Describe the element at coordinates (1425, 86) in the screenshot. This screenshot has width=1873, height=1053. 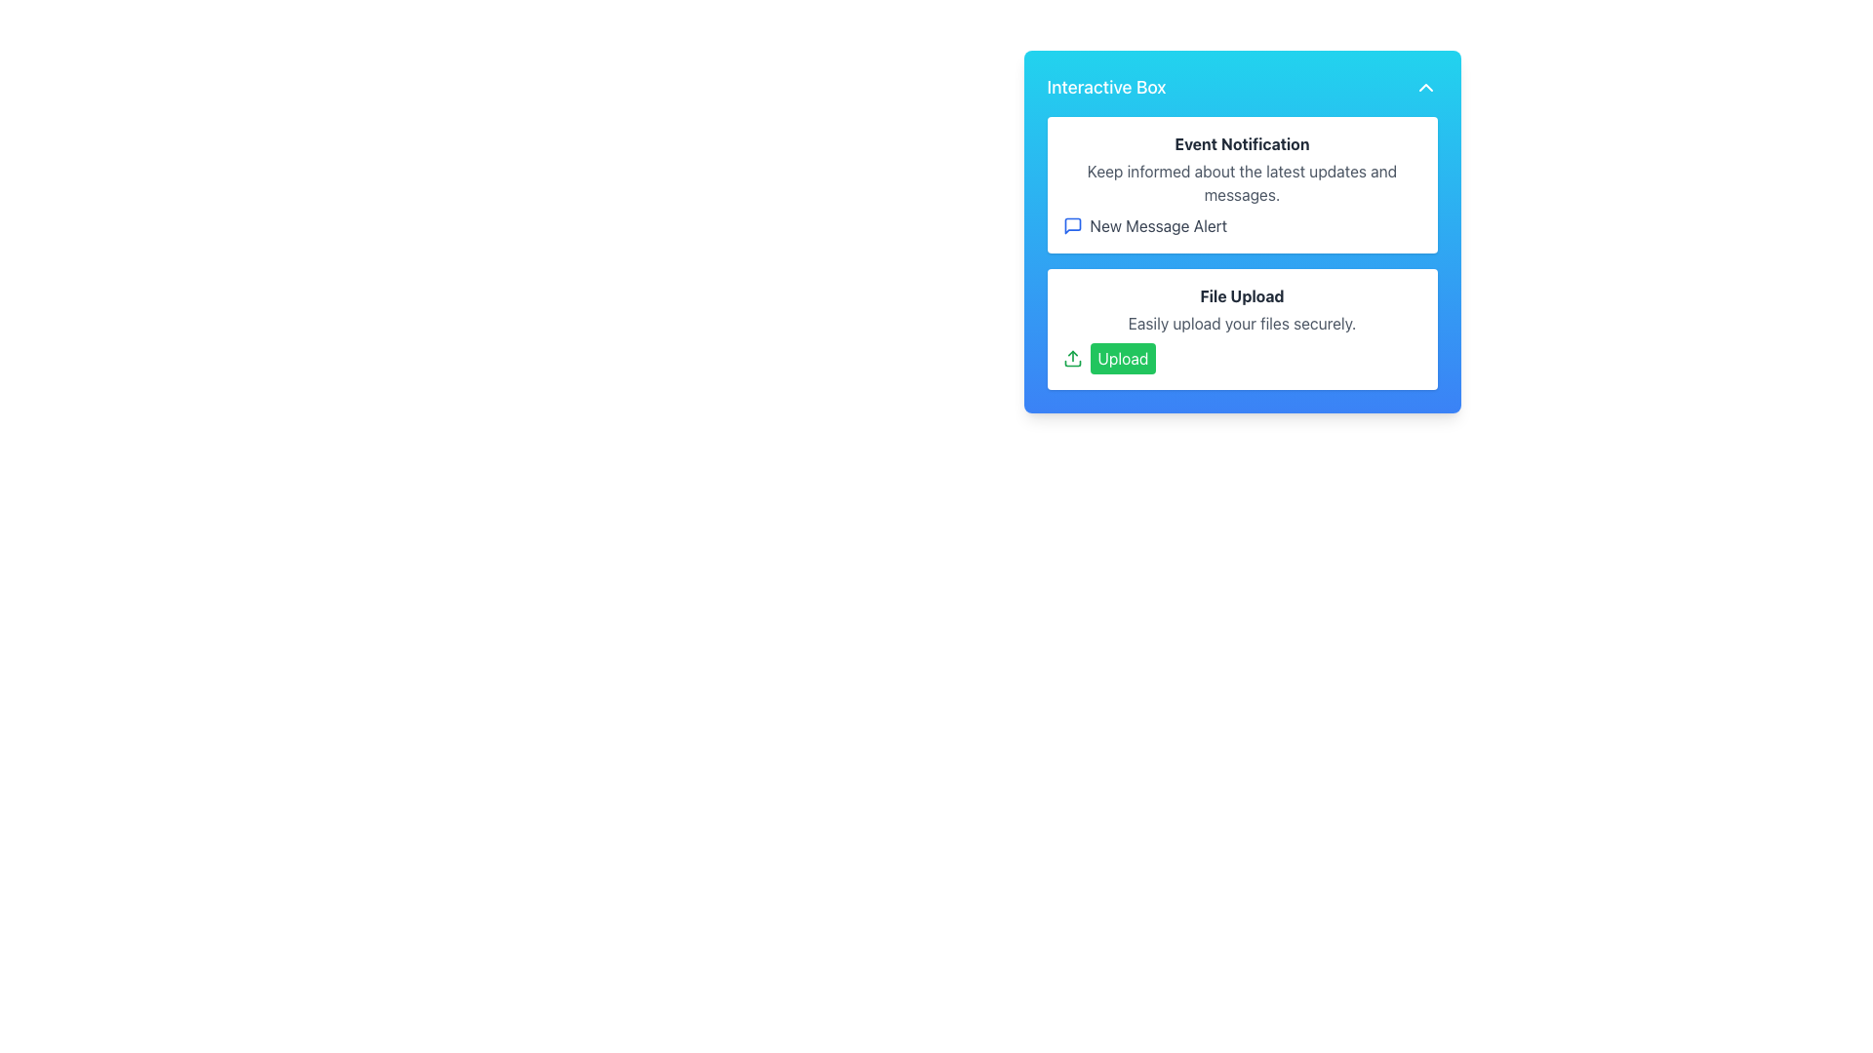
I see `the Chevron toggle button located in the top-right corner of the 'Interactive Box'` at that location.